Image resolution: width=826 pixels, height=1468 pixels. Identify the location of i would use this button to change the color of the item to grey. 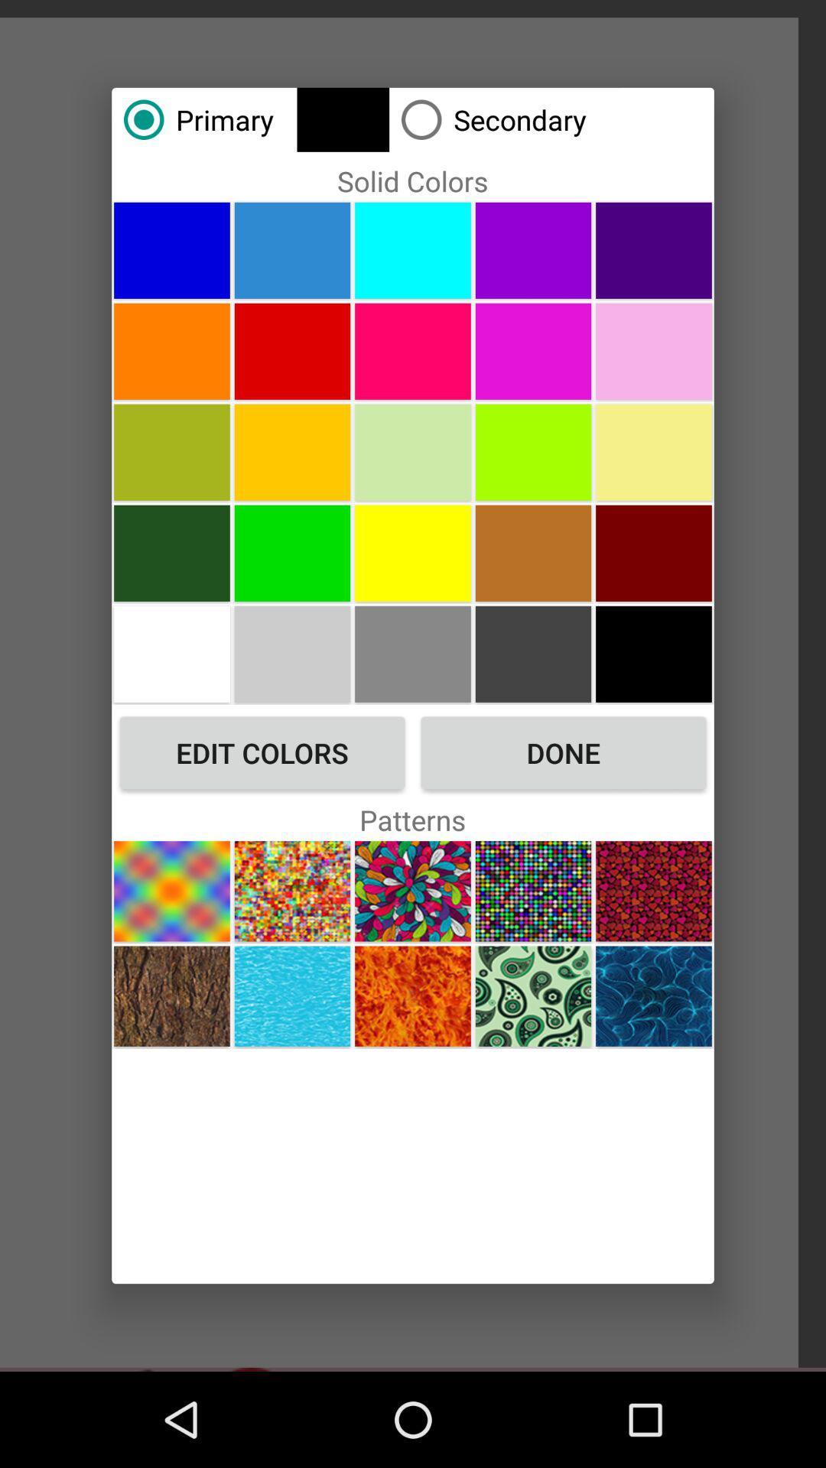
(292, 654).